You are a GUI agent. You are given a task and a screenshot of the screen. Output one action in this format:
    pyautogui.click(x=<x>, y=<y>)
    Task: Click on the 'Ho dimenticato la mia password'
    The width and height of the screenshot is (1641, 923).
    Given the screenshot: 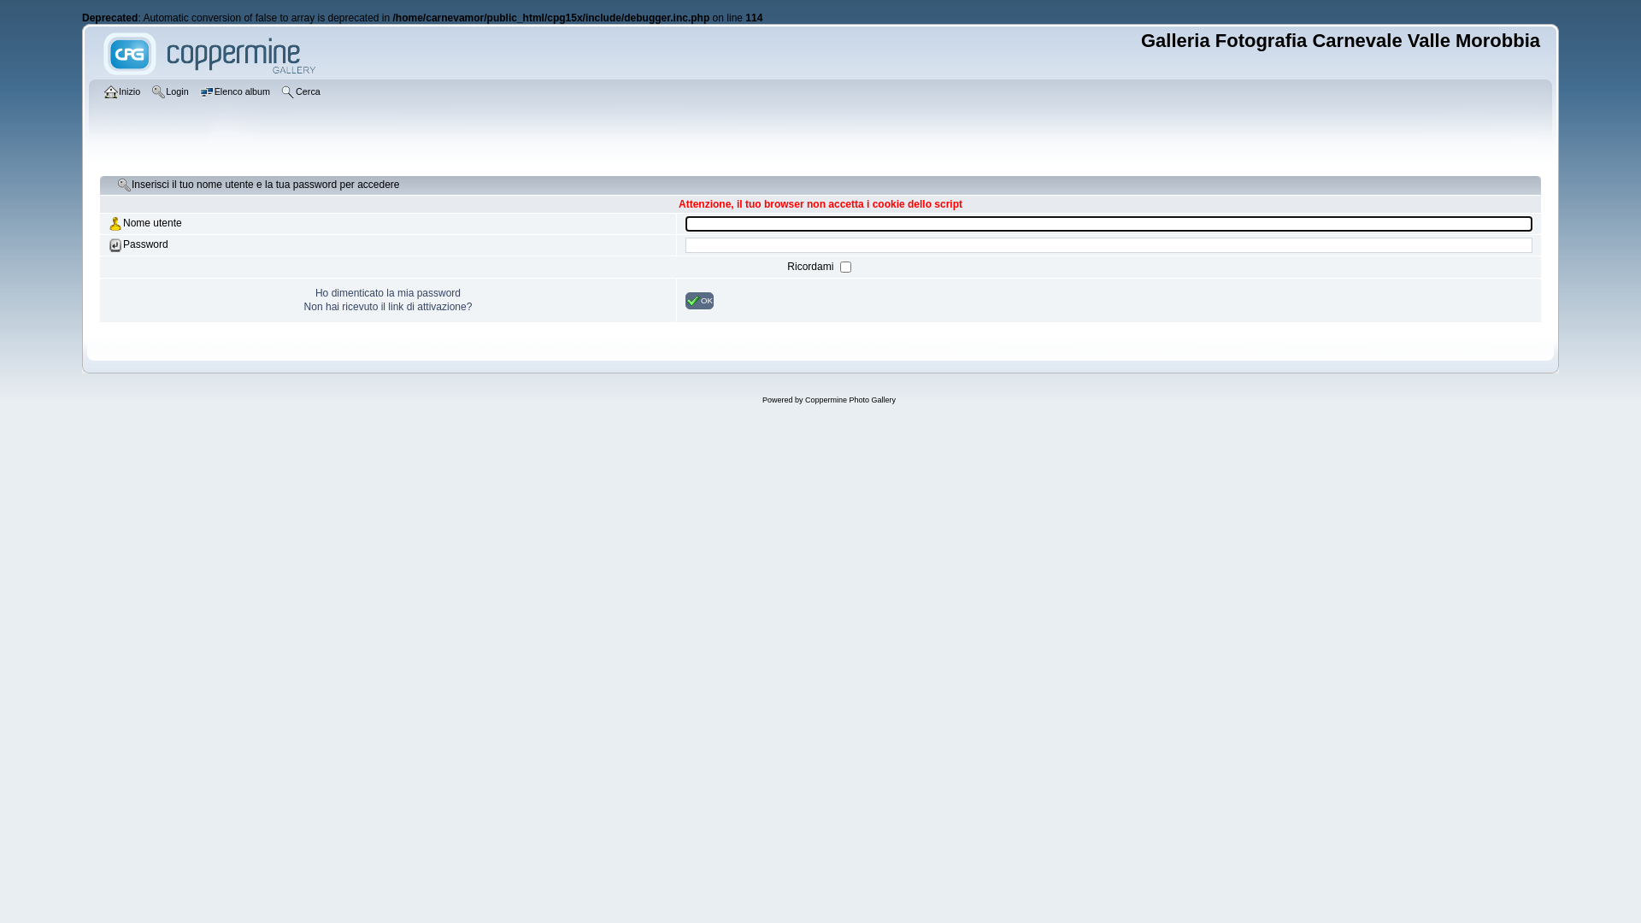 What is the action you would take?
    pyautogui.click(x=387, y=292)
    